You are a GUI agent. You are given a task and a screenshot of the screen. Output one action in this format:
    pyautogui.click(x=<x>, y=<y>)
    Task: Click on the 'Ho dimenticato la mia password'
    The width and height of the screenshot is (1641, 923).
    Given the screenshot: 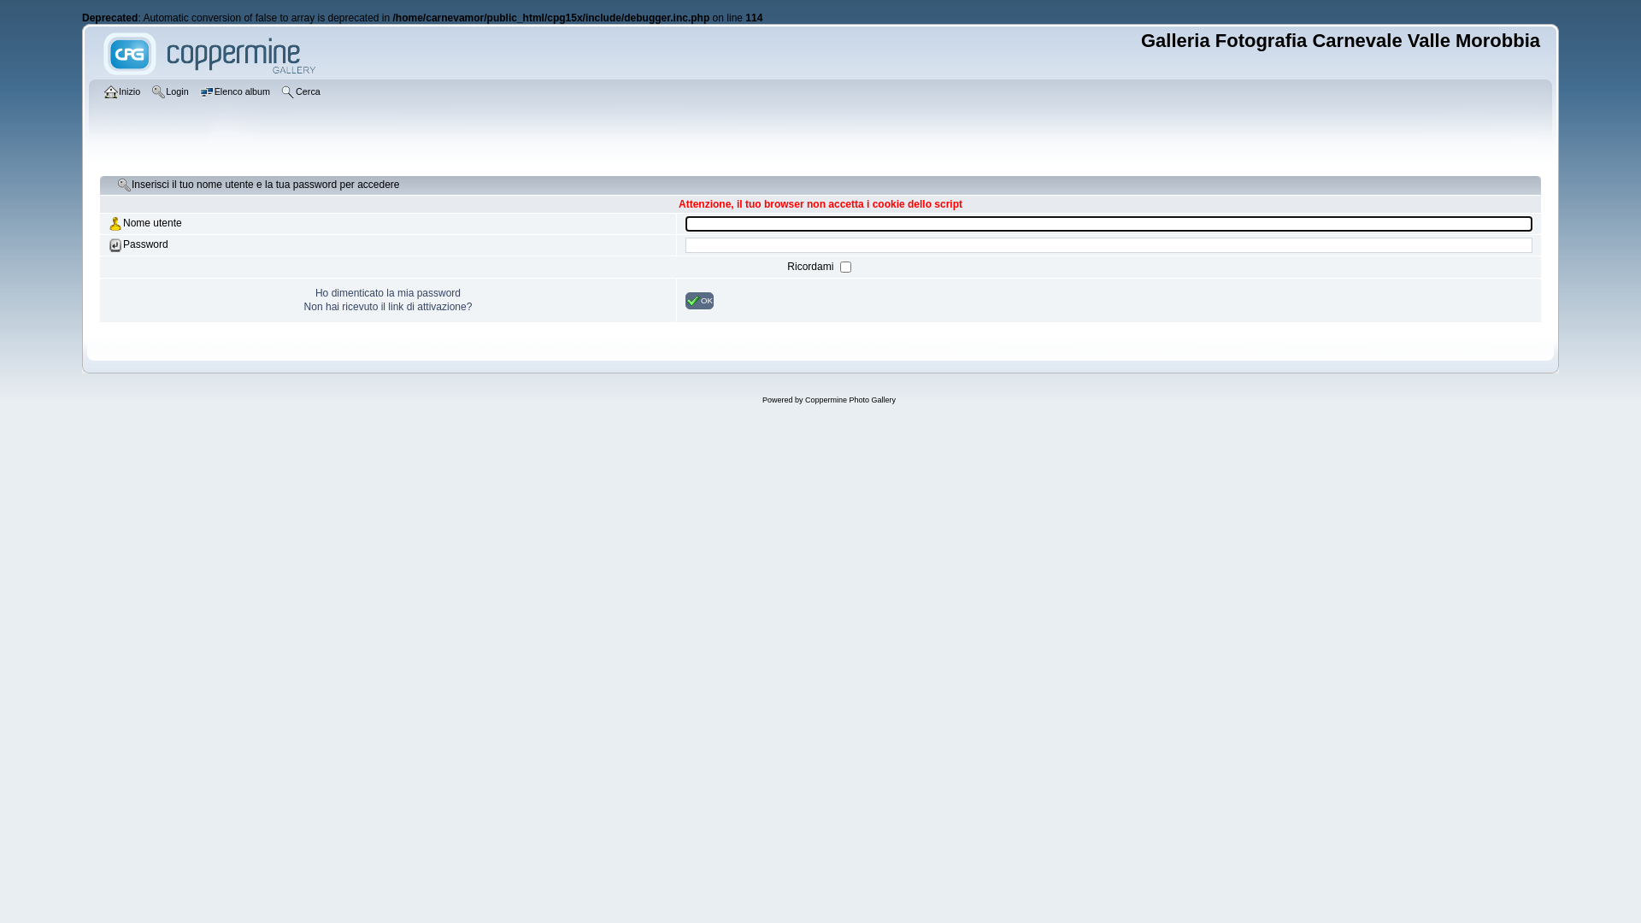 What is the action you would take?
    pyautogui.click(x=387, y=292)
    